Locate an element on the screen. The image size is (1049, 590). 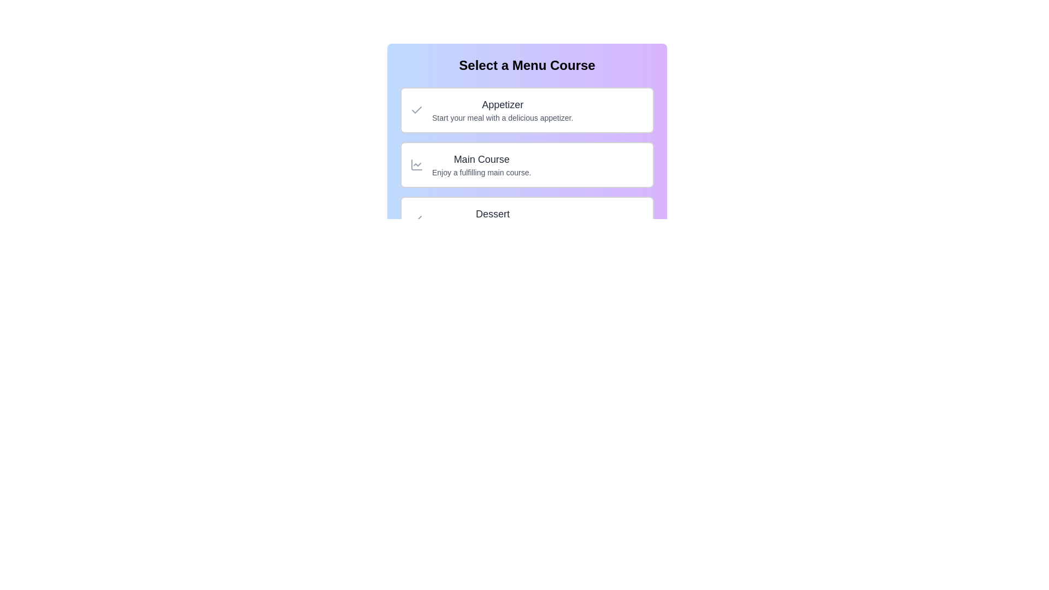
the 'Main Course' selectable card, which is the second item in the list under 'Select a Menu Course' is located at coordinates (527, 160).